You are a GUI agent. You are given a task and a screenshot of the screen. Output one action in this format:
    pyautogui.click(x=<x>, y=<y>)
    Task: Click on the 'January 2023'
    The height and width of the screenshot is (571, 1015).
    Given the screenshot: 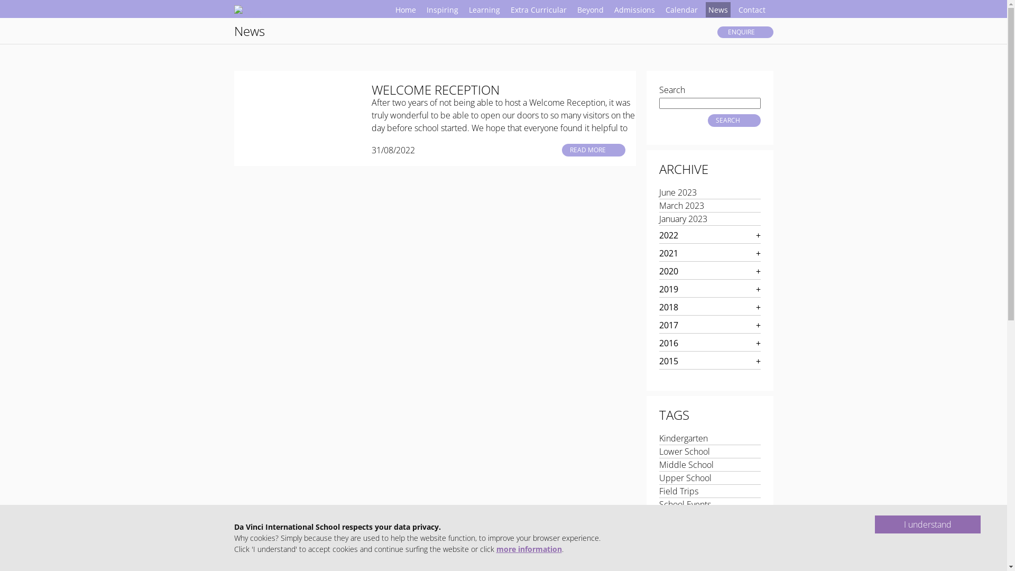 What is the action you would take?
    pyautogui.click(x=682, y=218)
    